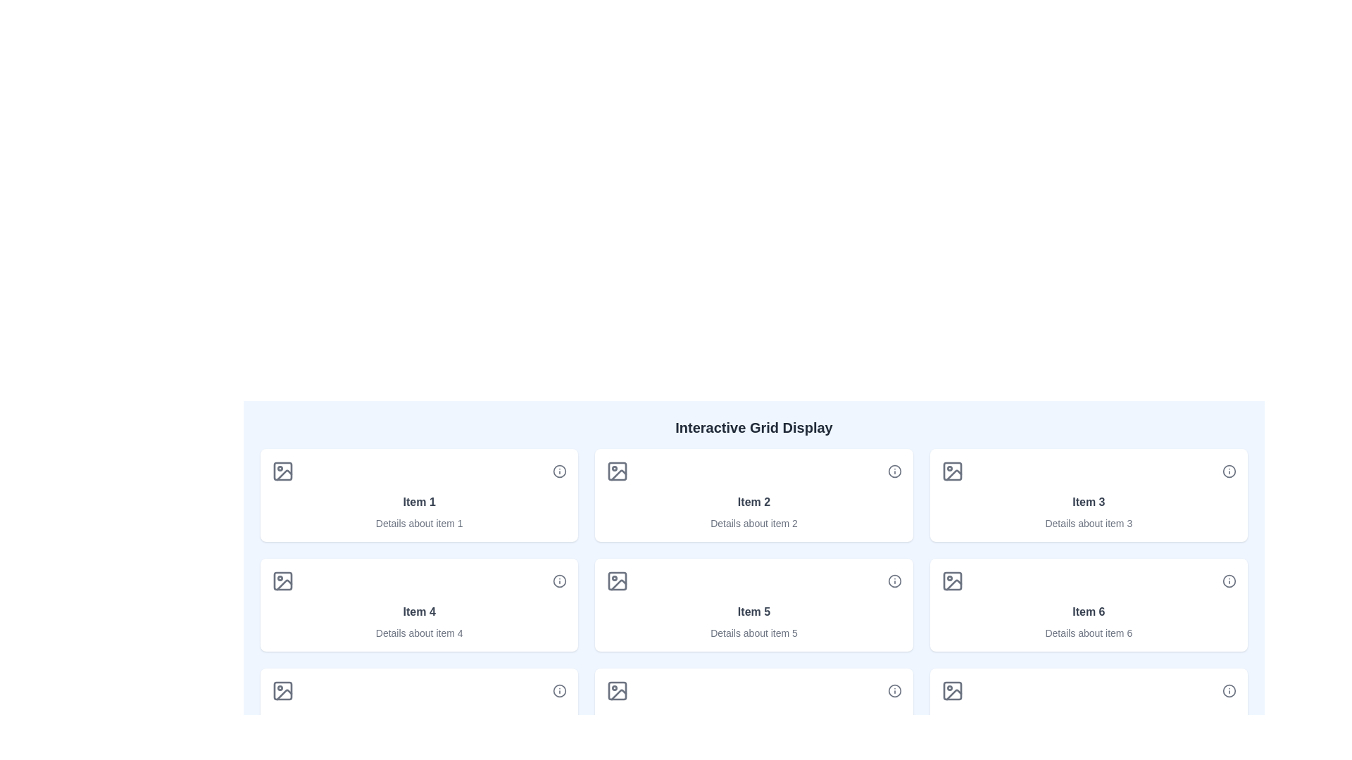 The width and height of the screenshot is (1352, 760). I want to click on the SVG Circle Element located in the sixth cell of the grid layout at the bottom-right corner, which serves as a decorative or symbolic marker, so click(559, 690).